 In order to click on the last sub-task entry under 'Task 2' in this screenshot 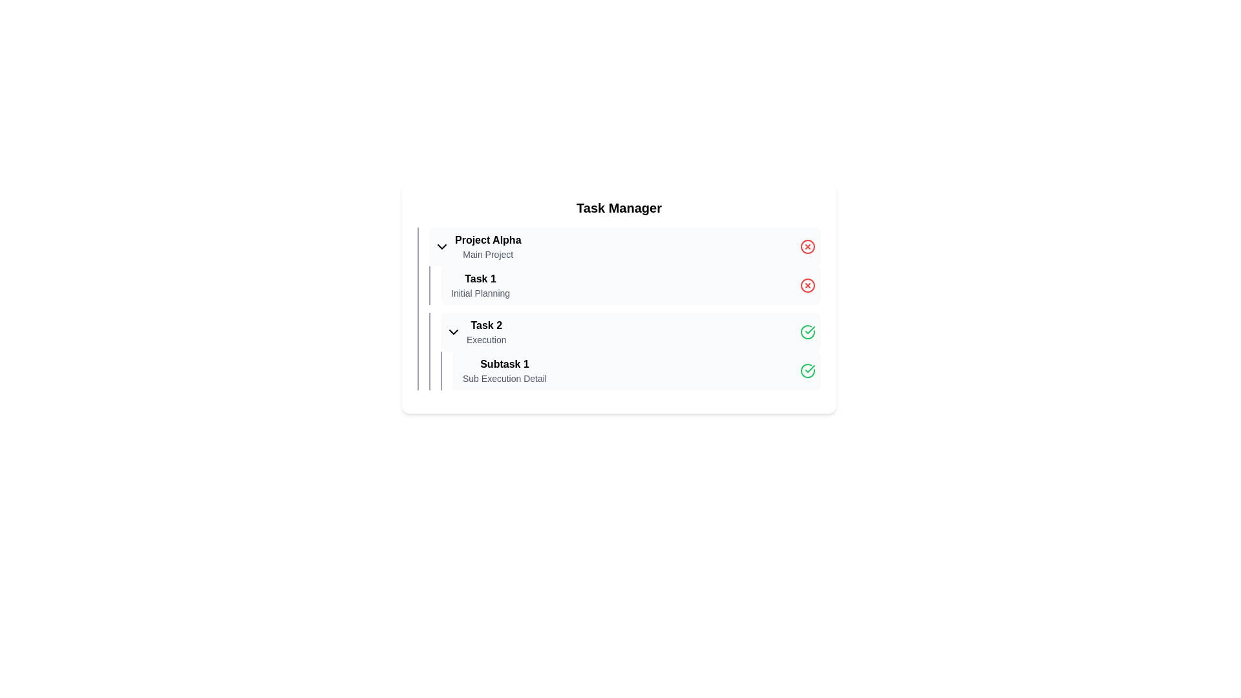, I will do `click(636, 371)`.